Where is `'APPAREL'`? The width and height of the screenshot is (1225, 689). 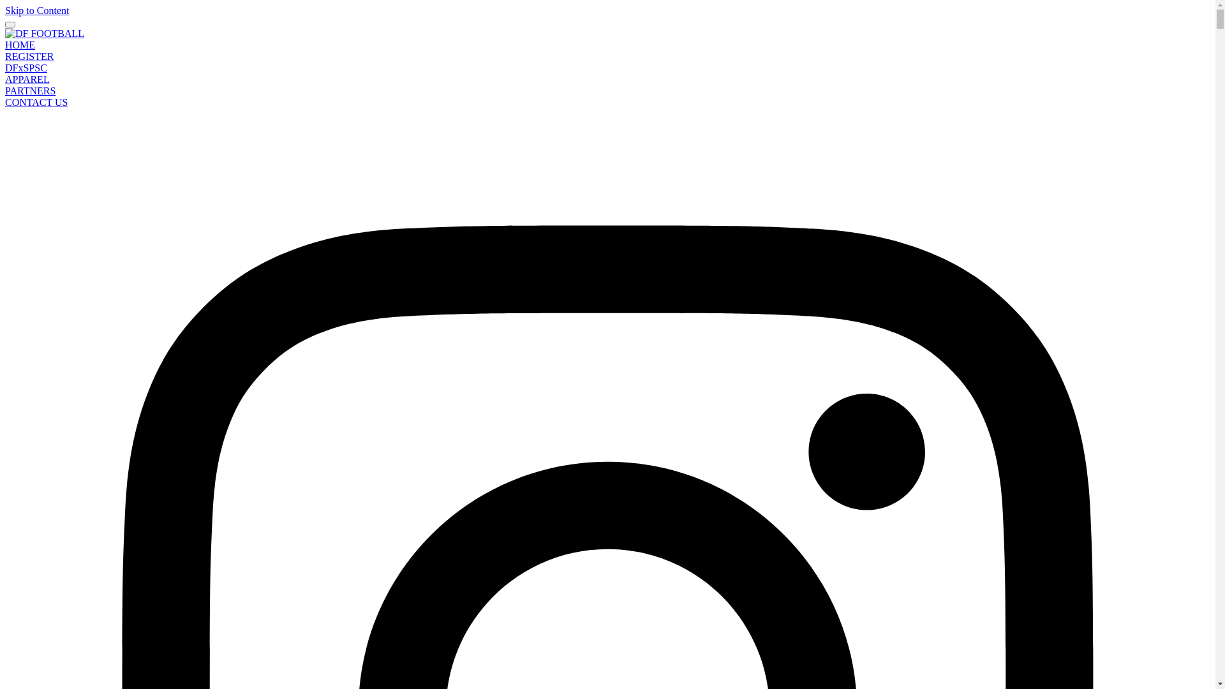 'APPAREL' is located at coordinates (5, 79).